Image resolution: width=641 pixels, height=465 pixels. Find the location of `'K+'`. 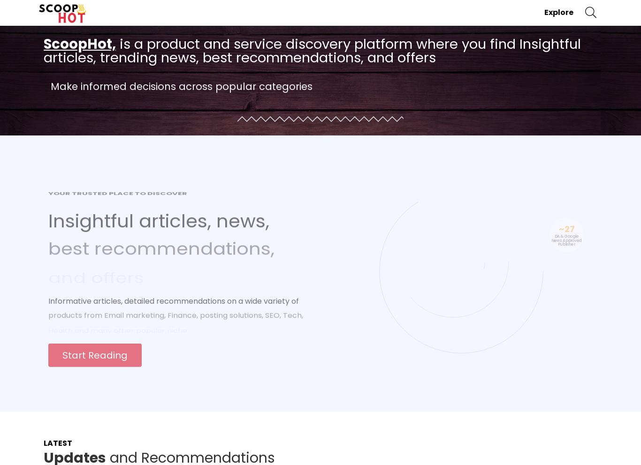

'K+' is located at coordinates (475, 169).